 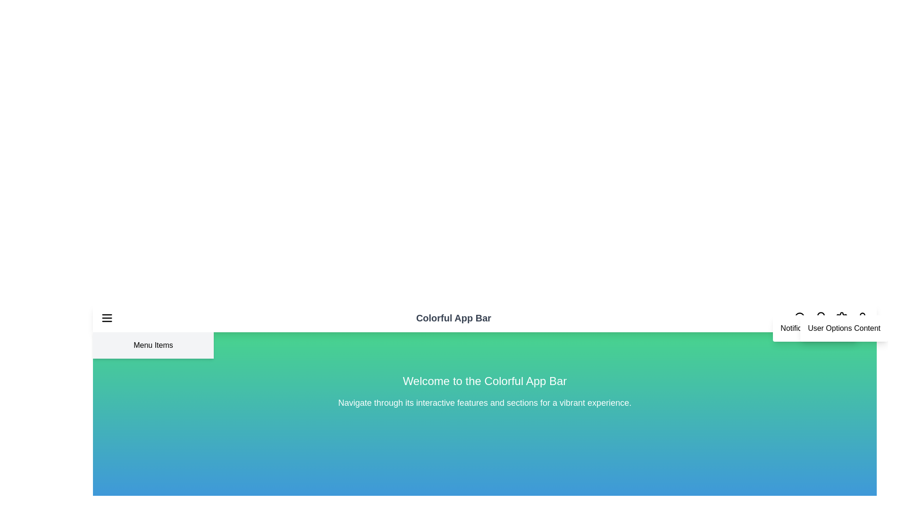 What do you see at coordinates (453, 318) in the screenshot?
I see `the header text labeled 'Colorful App Bar'` at bounding box center [453, 318].